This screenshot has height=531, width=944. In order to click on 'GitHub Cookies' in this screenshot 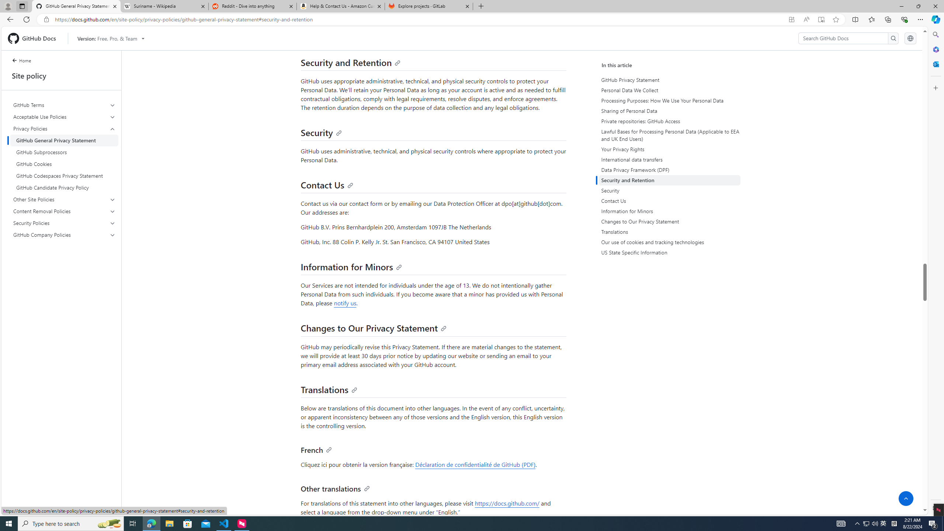, I will do `click(64, 164)`.